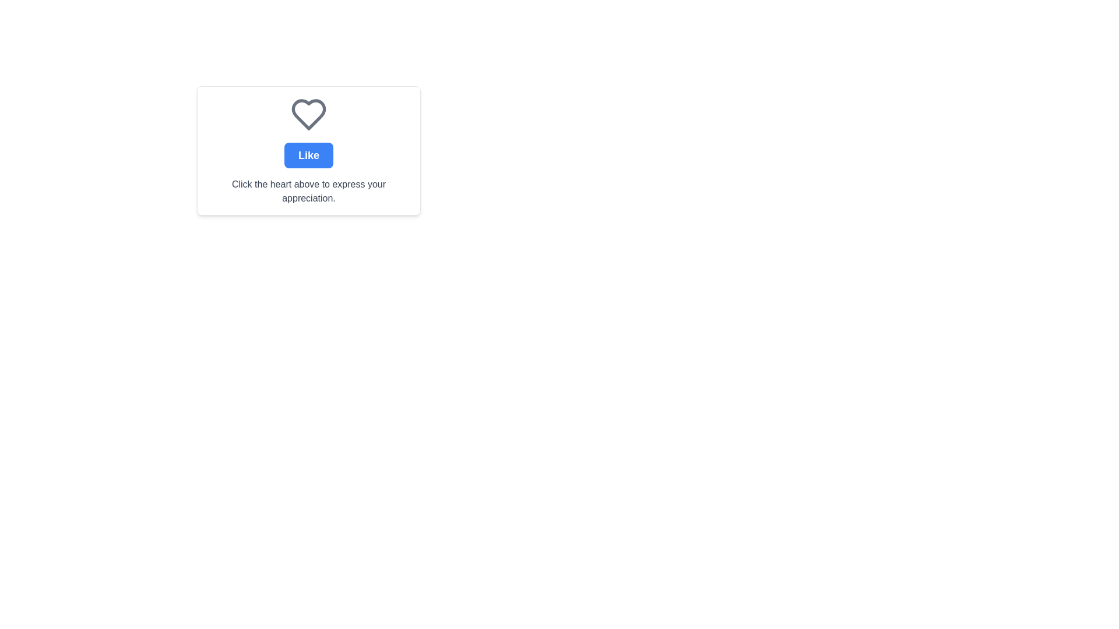 The image size is (1119, 629). What do you see at coordinates (308, 190) in the screenshot?
I see `the Text block that provides guidance for expressing appreciation, located below the 'Like' button and above the heart icon` at bounding box center [308, 190].